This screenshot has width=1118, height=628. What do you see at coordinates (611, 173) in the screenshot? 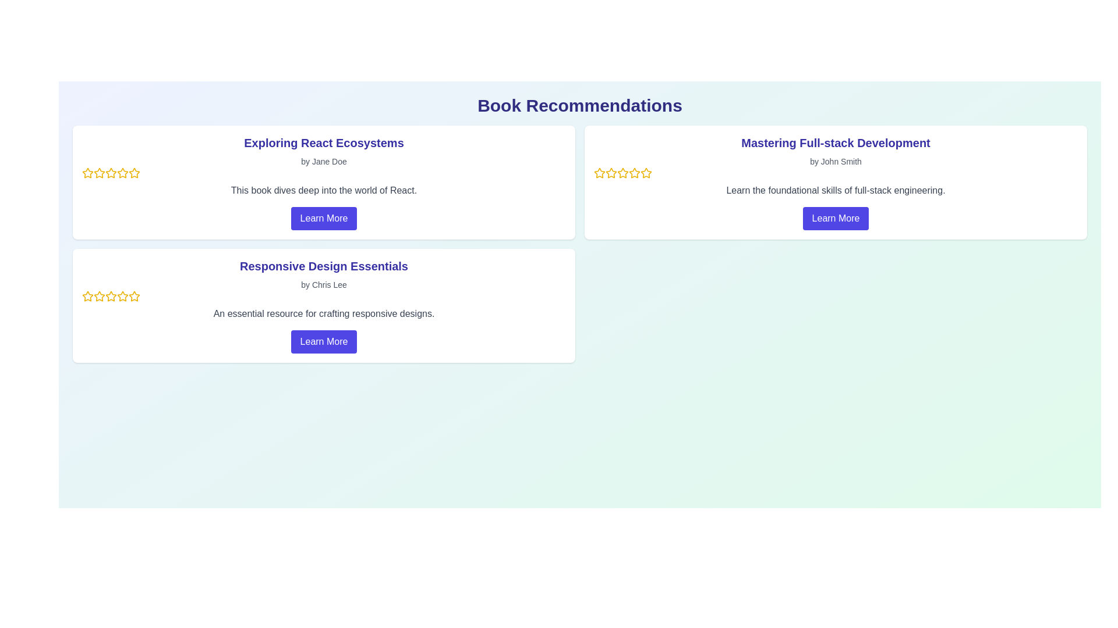
I see `the second star icon used for rating under the title 'Mastering Full-stack Development' located in the top-right card of the layout` at bounding box center [611, 173].